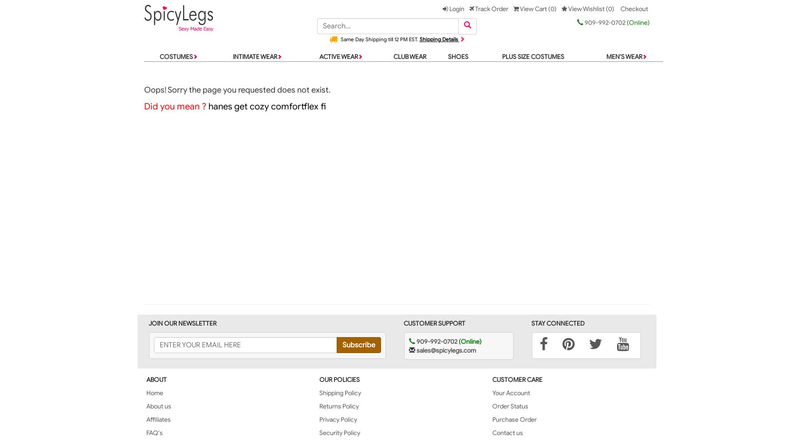  What do you see at coordinates (457, 56) in the screenshot?
I see `'SHOES'` at bounding box center [457, 56].